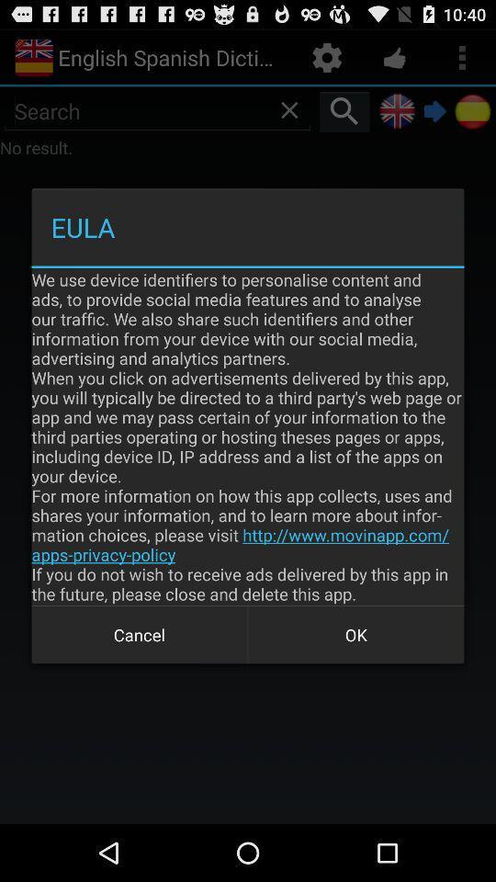 This screenshot has height=882, width=496. Describe the element at coordinates (139, 635) in the screenshot. I see `icon next to the ok item` at that location.